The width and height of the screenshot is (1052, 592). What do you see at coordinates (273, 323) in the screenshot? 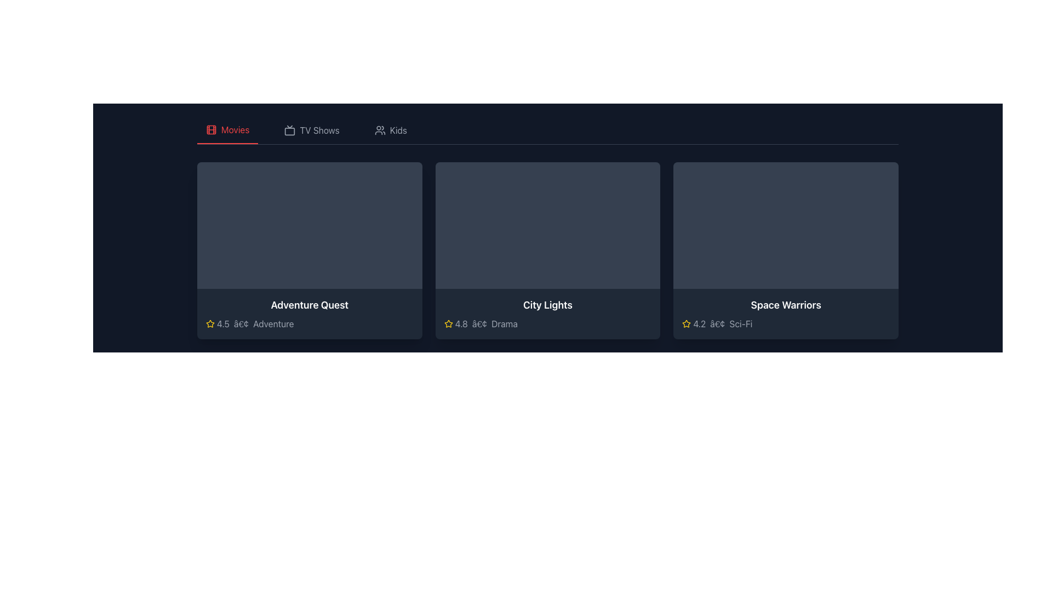
I see `the text label displaying 'Adventure', which is styled in medium-light gray against a dark background, located beneath the title 'Adventure Quest' in a movie card layout` at bounding box center [273, 323].